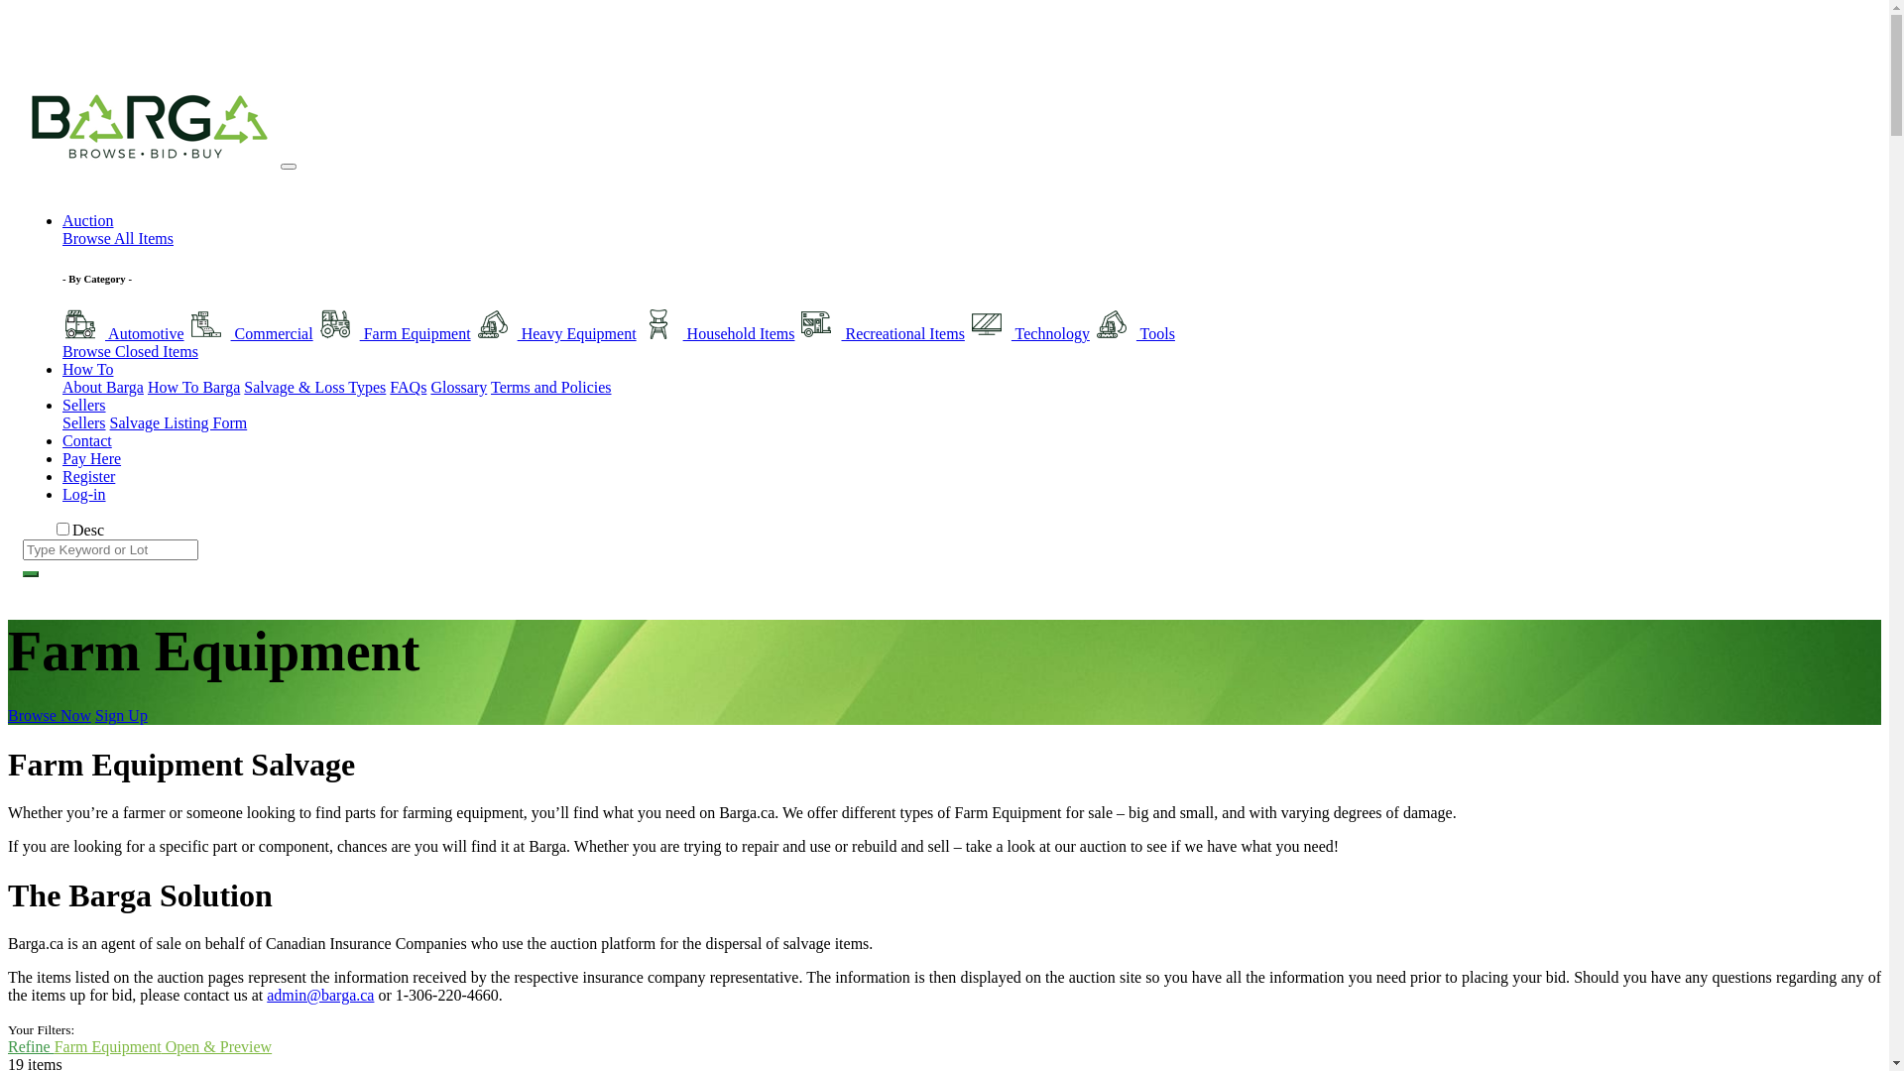 Image resolution: width=1904 pixels, height=1071 pixels. What do you see at coordinates (217, 1045) in the screenshot?
I see `'Open & Preview'` at bounding box center [217, 1045].